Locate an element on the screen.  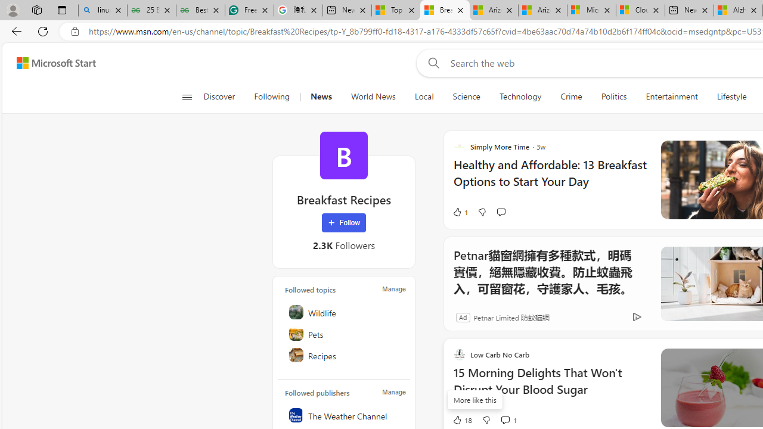
'Skip to footer' is located at coordinates (48, 63).